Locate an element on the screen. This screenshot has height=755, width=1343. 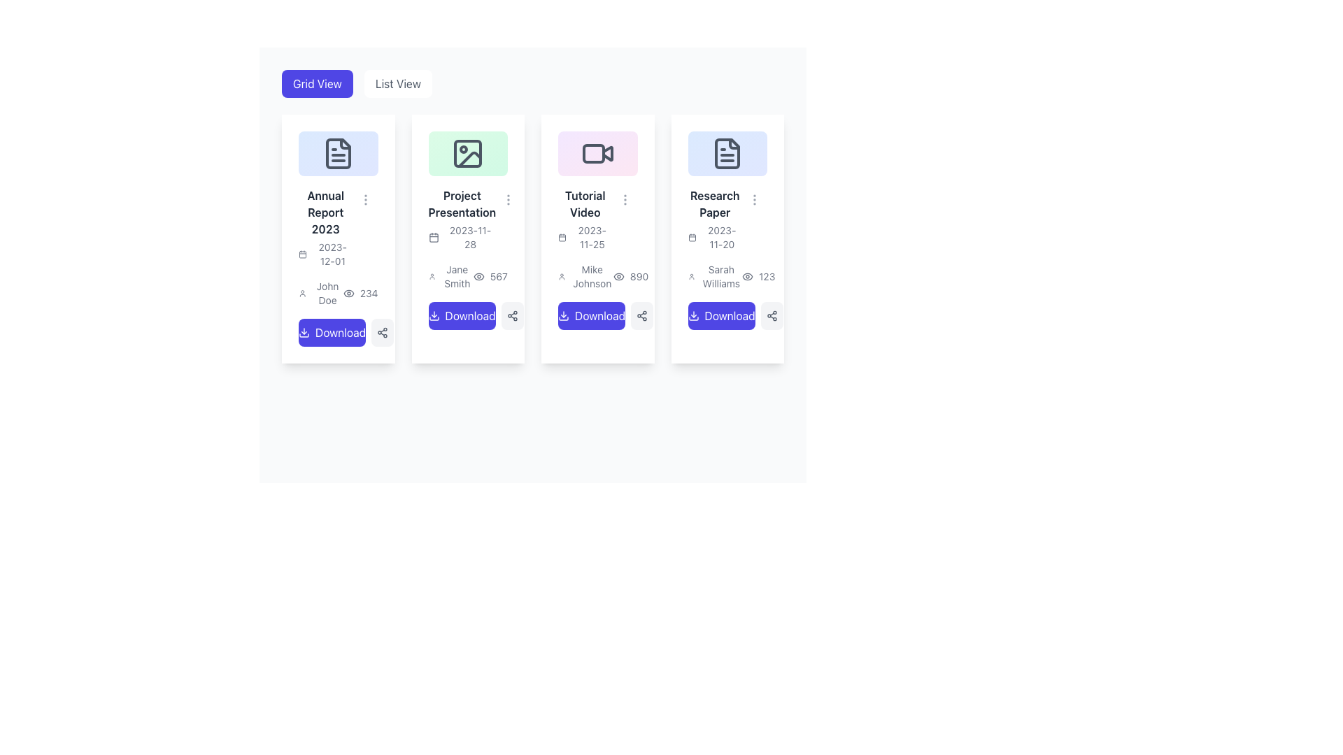
text 'Research Paper' on the informational card located in the rightmost position of the grid view, which is the fourth card in a horizontal row of similar cards is located at coordinates (715, 219).